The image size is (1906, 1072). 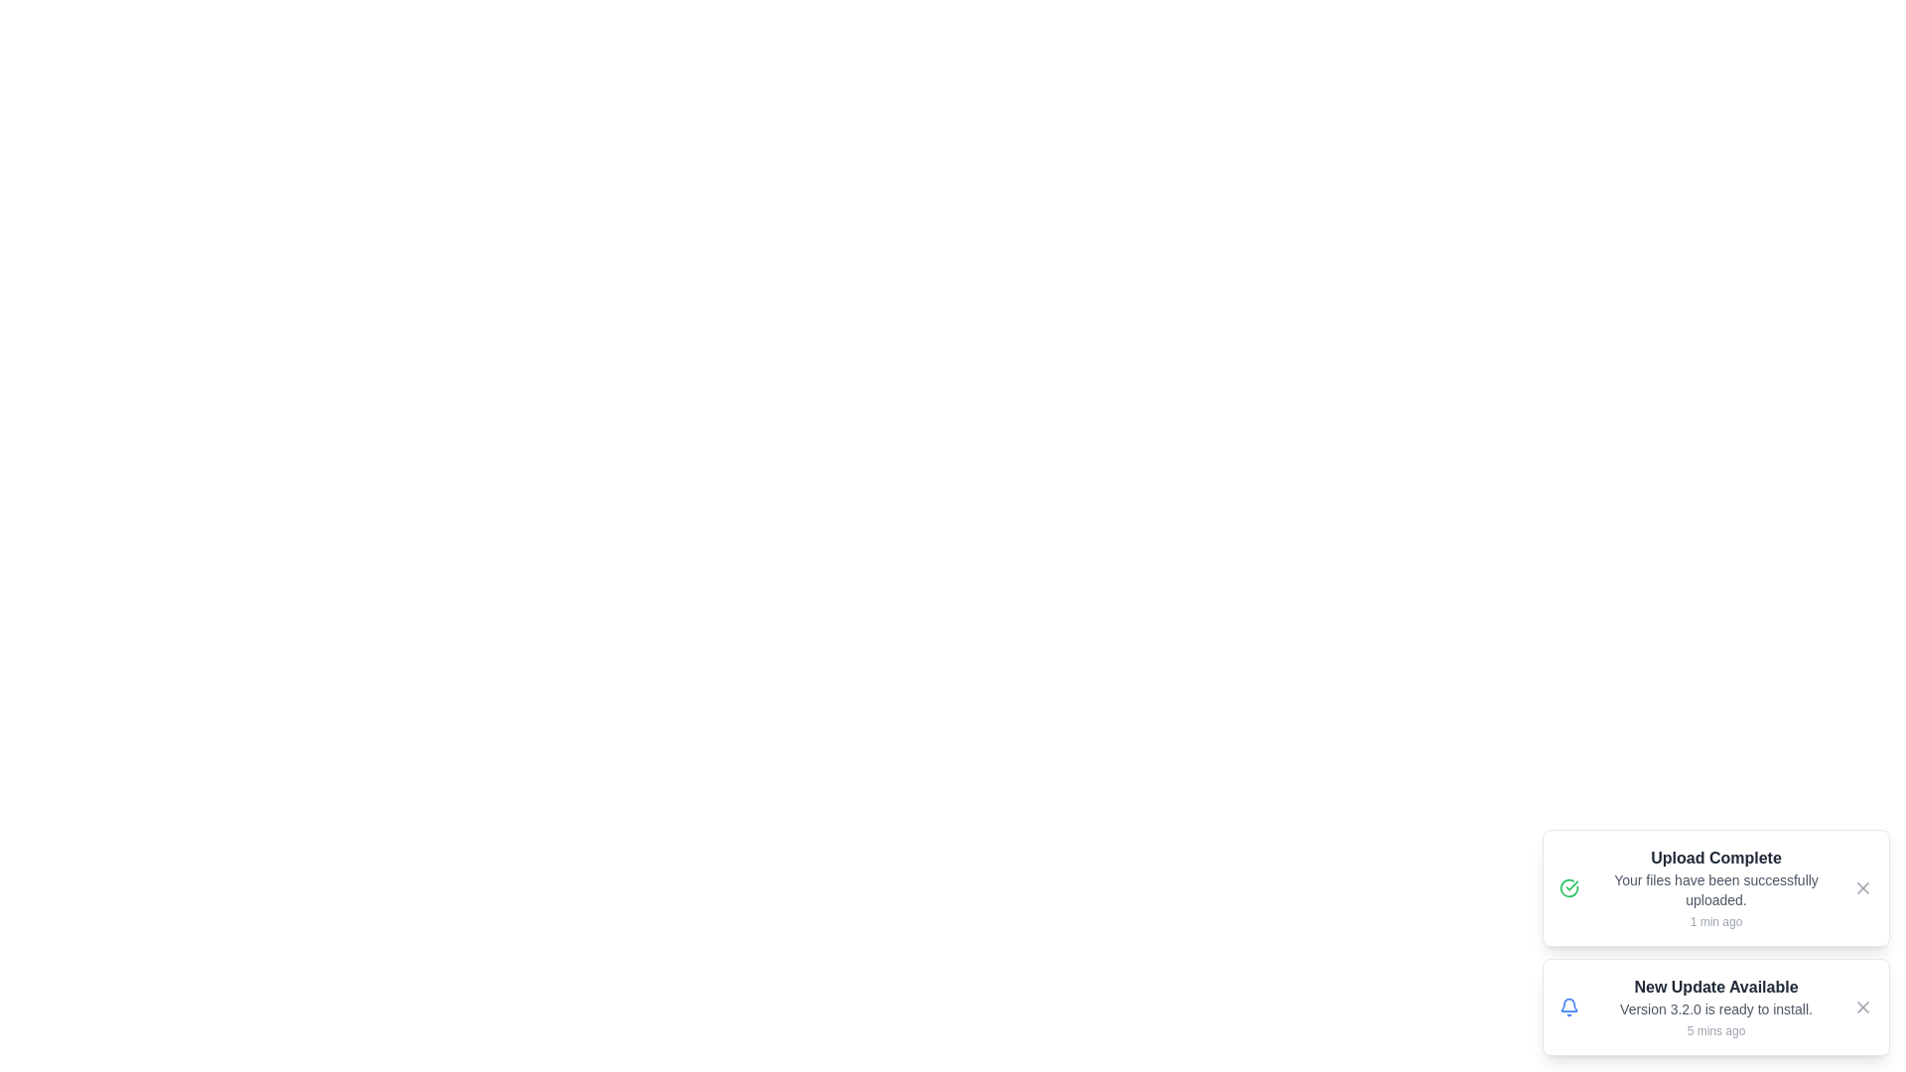 What do you see at coordinates (1714, 1029) in the screenshot?
I see `text content of the small light gray timestamp label indicating '5 mins ago' located below the update message in the notification card` at bounding box center [1714, 1029].